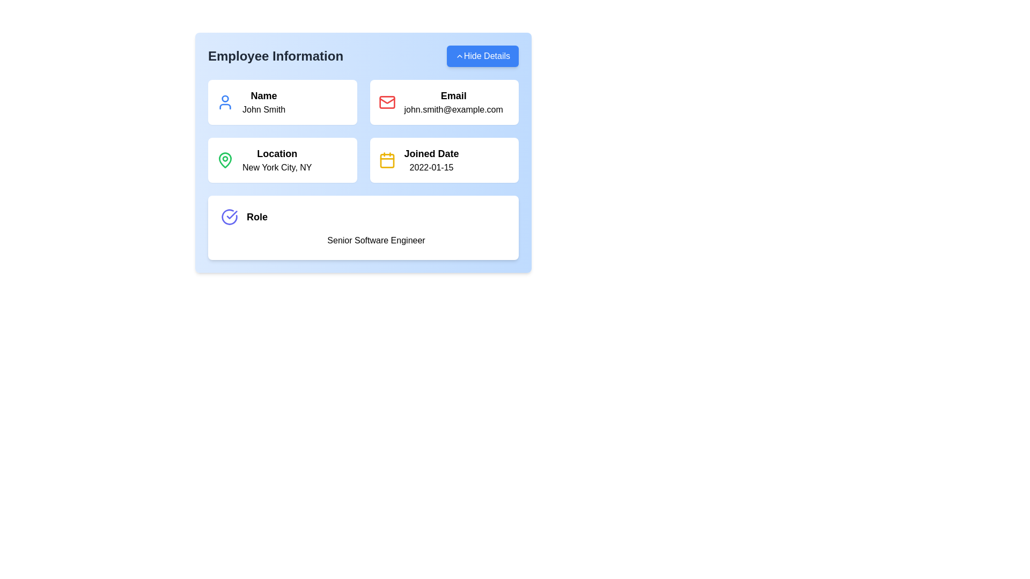 The width and height of the screenshot is (1030, 579). What do you see at coordinates (282, 160) in the screenshot?
I see `the Informative card displaying location information of the user, indicating New York City, NY, which is positioned in the third slot of the grid layout, right of the 'Name' section and above the 'Role' section` at bounding box center [282, 160].